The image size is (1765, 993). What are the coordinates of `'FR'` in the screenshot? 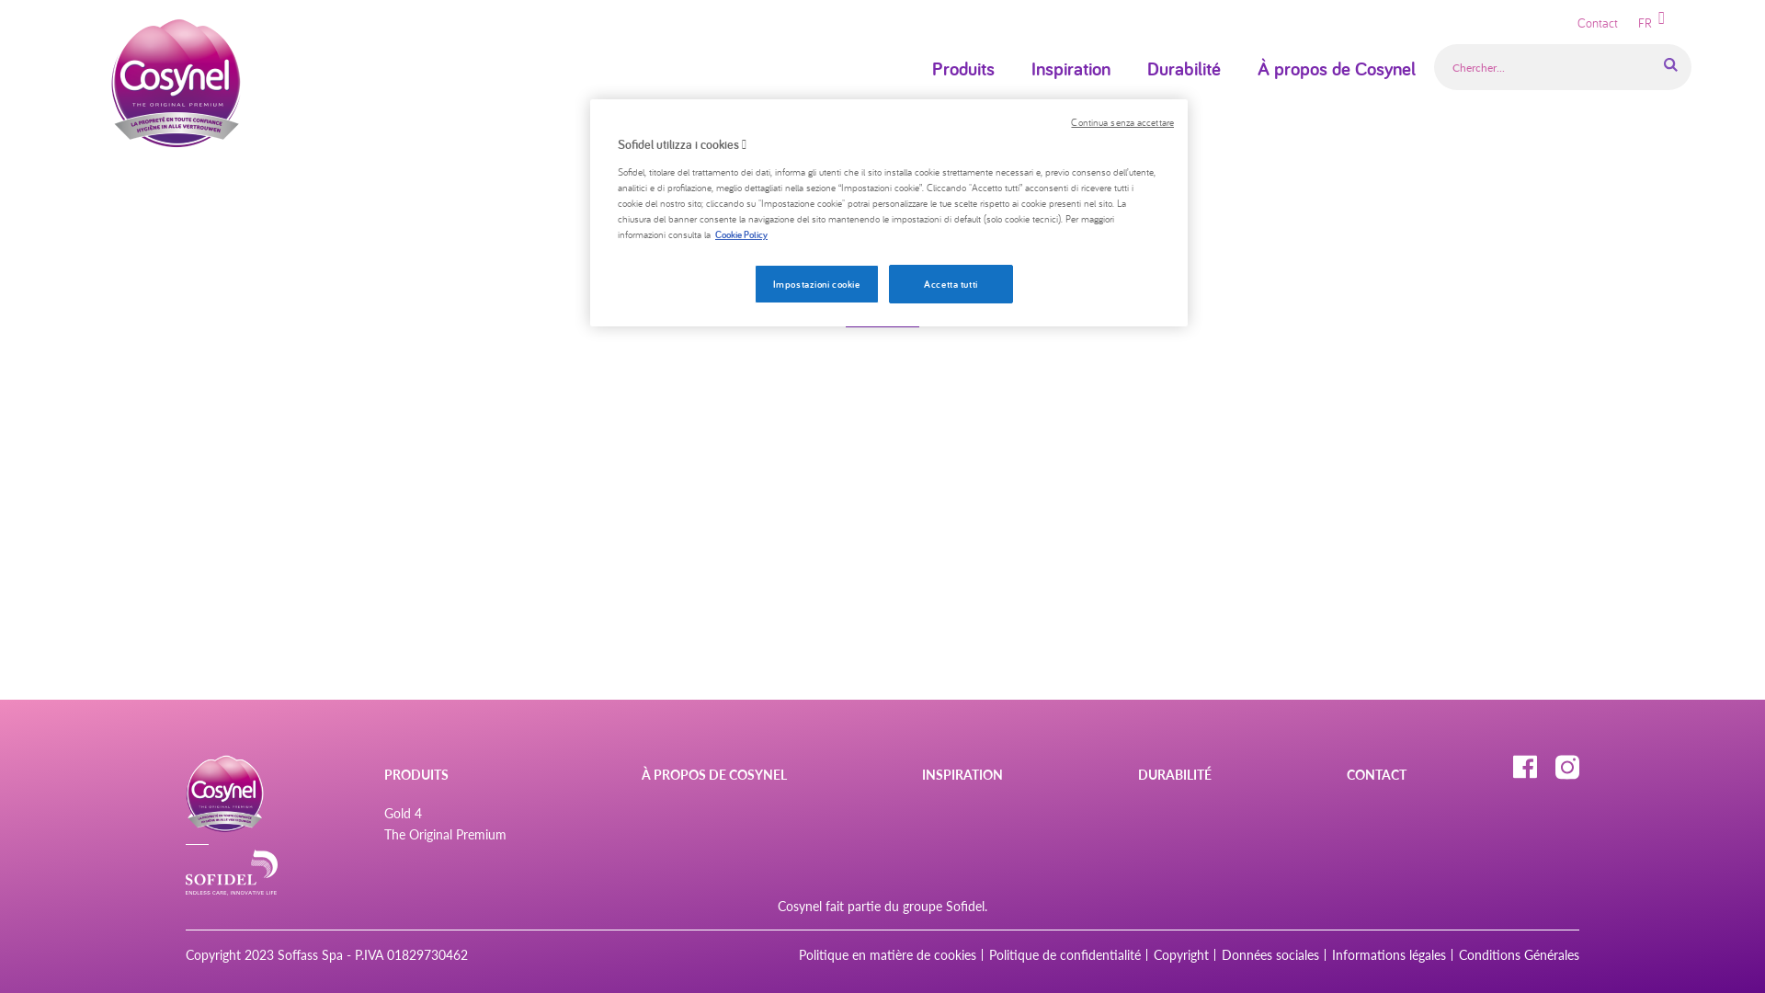 It's located at (1628, 22).